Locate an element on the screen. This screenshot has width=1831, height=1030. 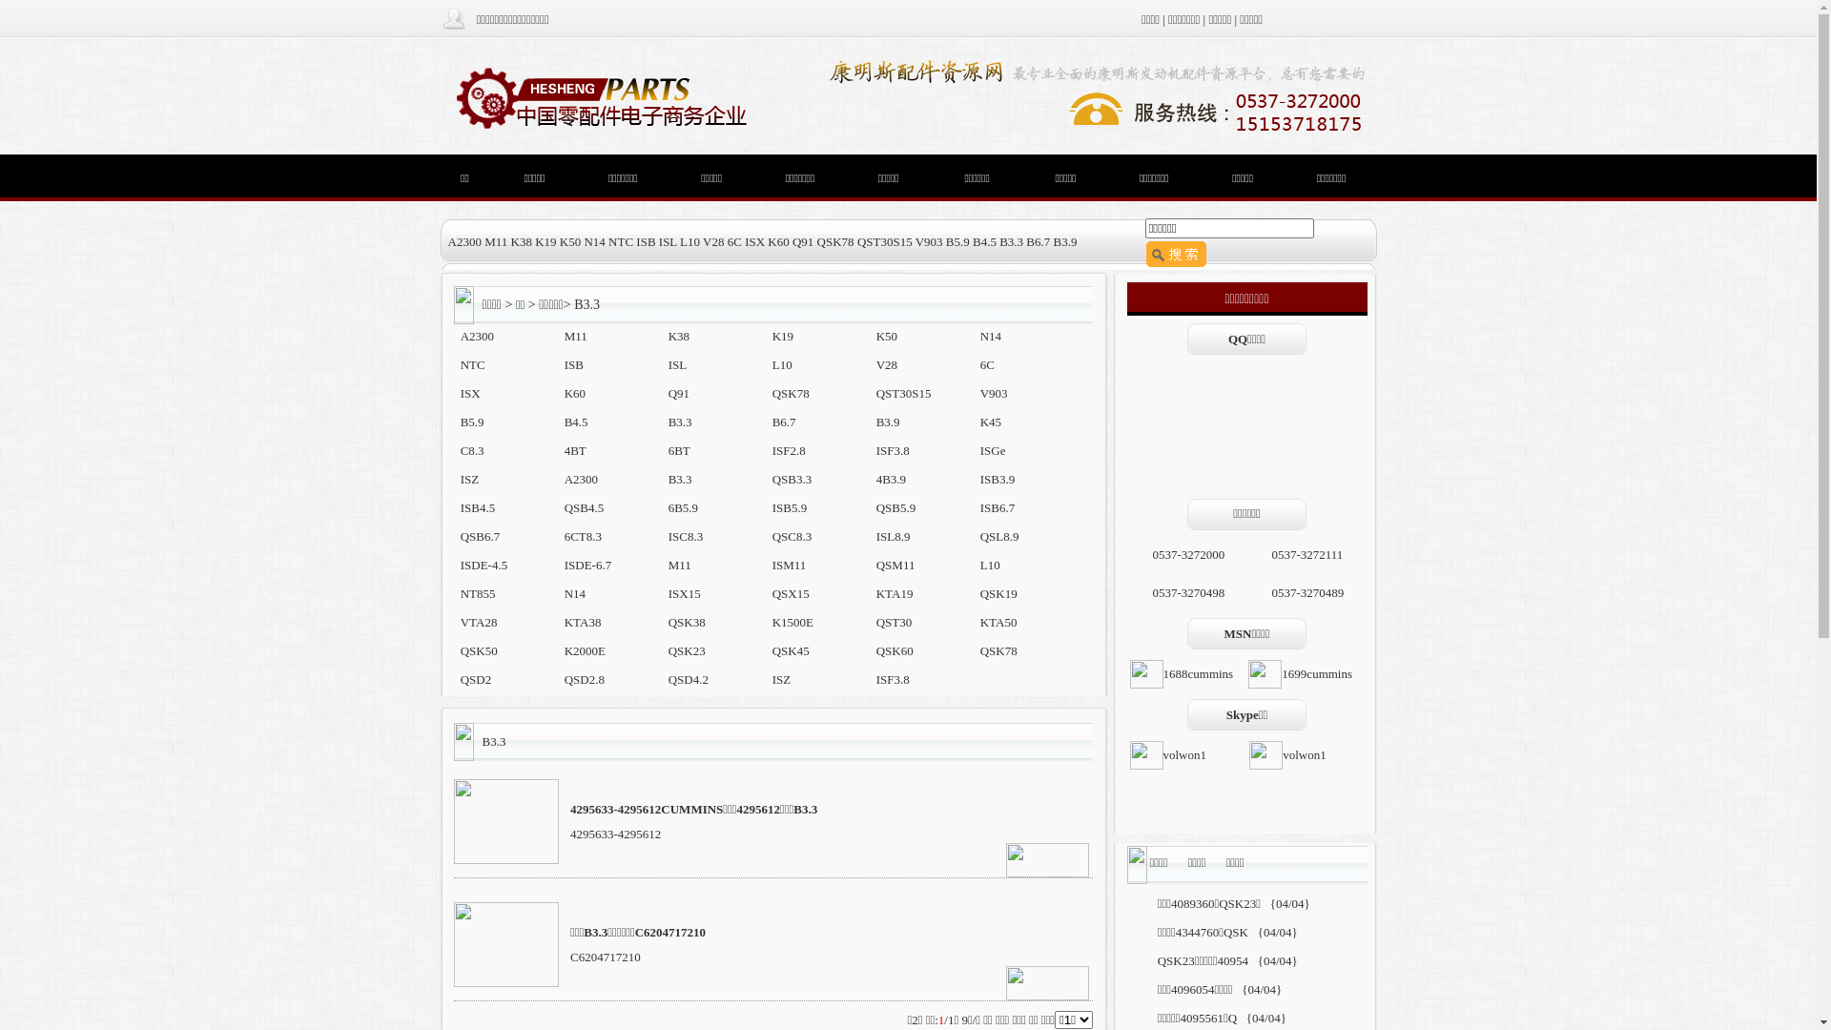
'VTA28' is located at coordinates (479, 622).